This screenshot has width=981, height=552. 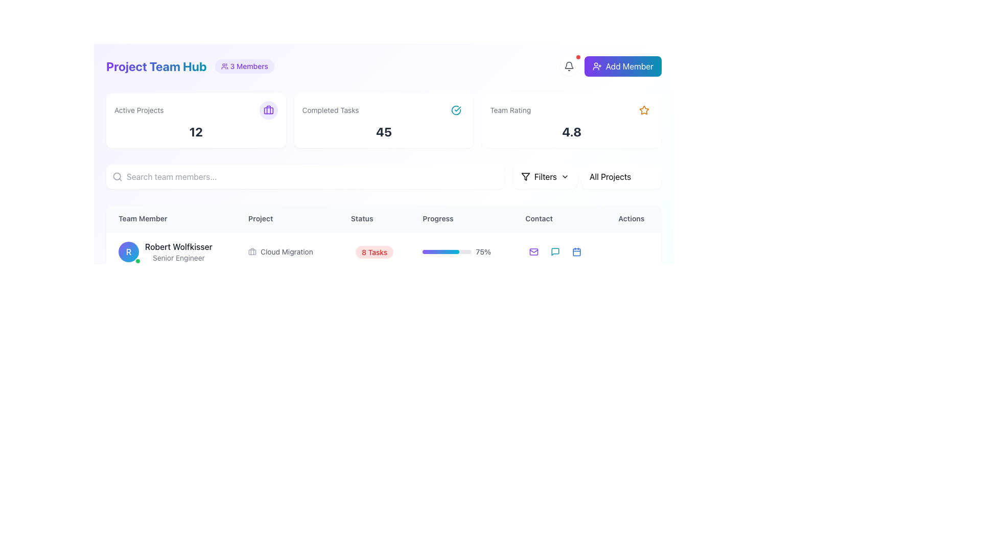 What do you see at coordinates (621, 176) in the screenshot?
I see `the third button in the row next to the 'Filters' button to interact with it for filtering project-related data` at bounding box center [621, 176].